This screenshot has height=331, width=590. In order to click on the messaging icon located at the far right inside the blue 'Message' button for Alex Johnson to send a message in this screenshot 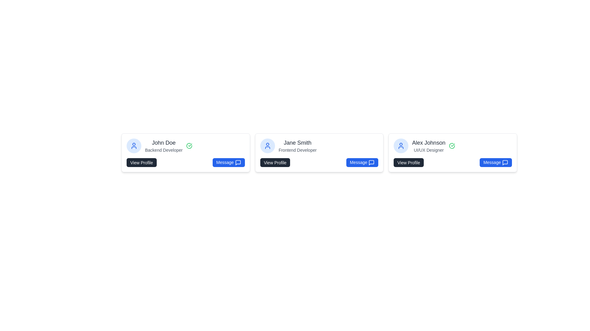, I will do `click(505, 162)`.